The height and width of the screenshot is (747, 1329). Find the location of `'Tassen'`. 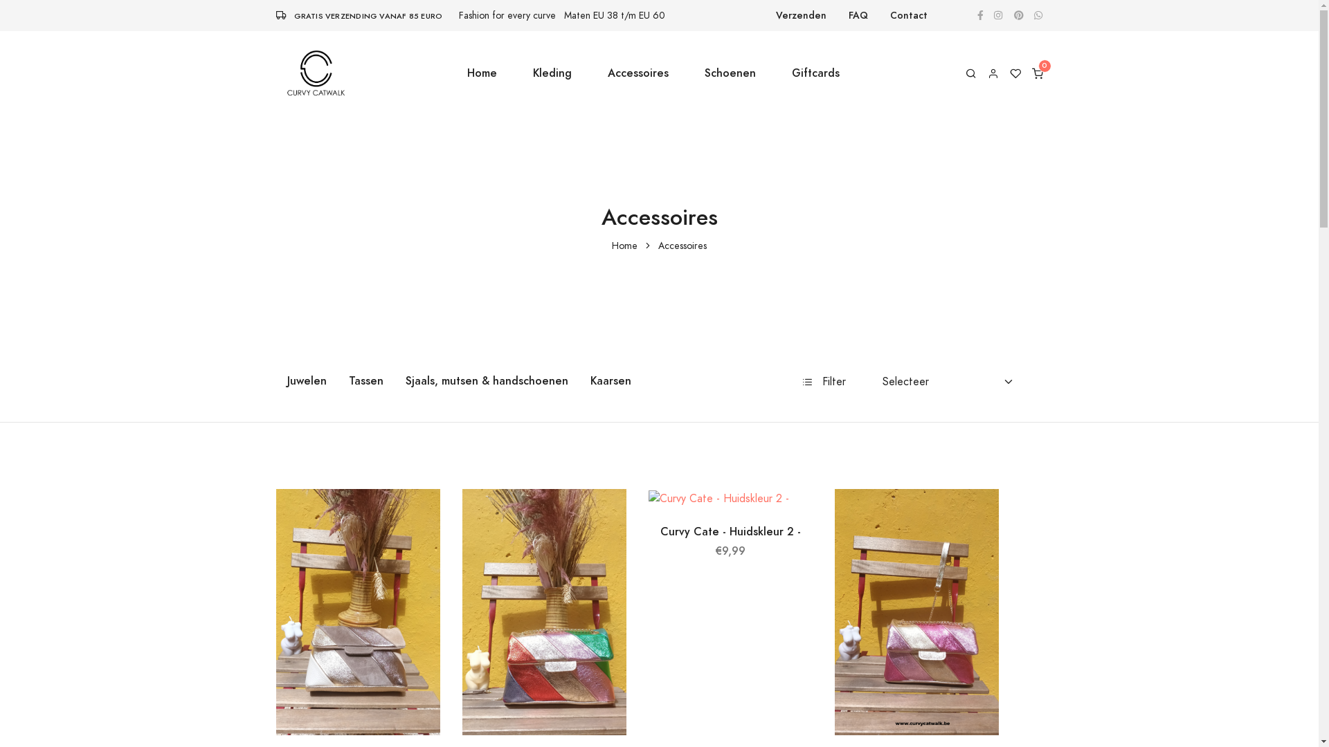

'Tassen' is located at coordinates (365, 381).